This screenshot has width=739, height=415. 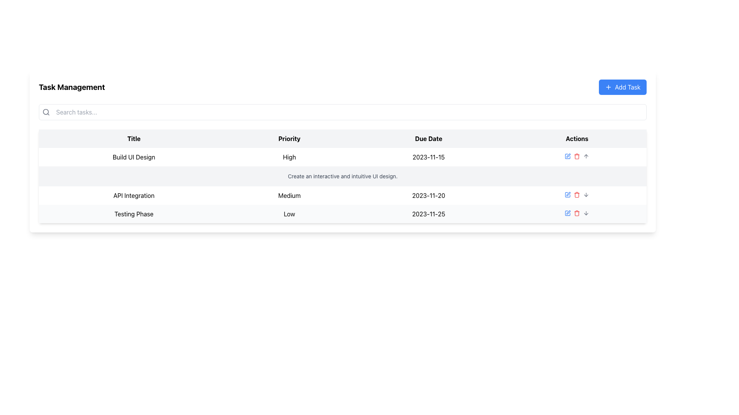 I want to click on the blue edit icon resembling a pen in the 'Actions' column for the 'API Integration' task, so click(x=568, y=213).